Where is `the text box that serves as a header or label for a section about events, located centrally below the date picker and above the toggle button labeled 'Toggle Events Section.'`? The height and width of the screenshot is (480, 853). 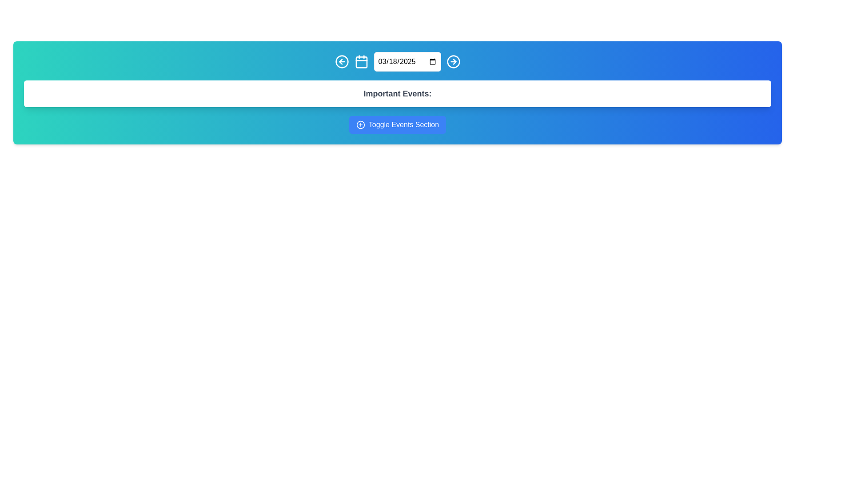 the text box that serves as a header or label for a section about events, located centrally below the date picker and above the toggle button labeled 'Toggle Events Section.' is located at coordinates (397, 94).